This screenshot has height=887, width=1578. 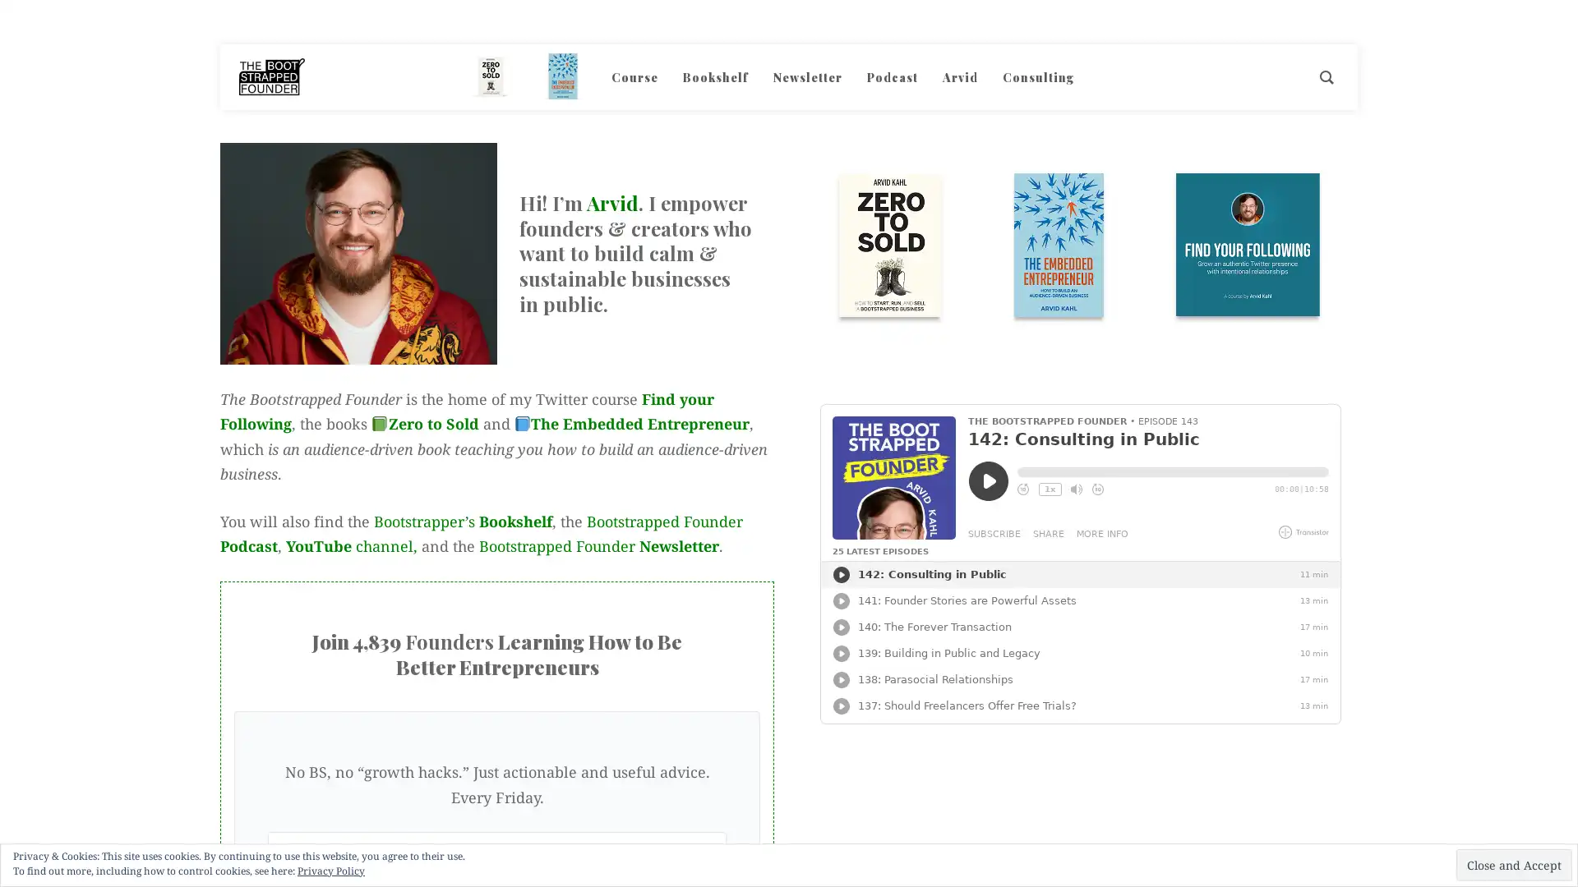 What do you see at coordinates (1513, 864) in the screenshot?
I see `Close and Accept` at bounding box center [1513, 864].